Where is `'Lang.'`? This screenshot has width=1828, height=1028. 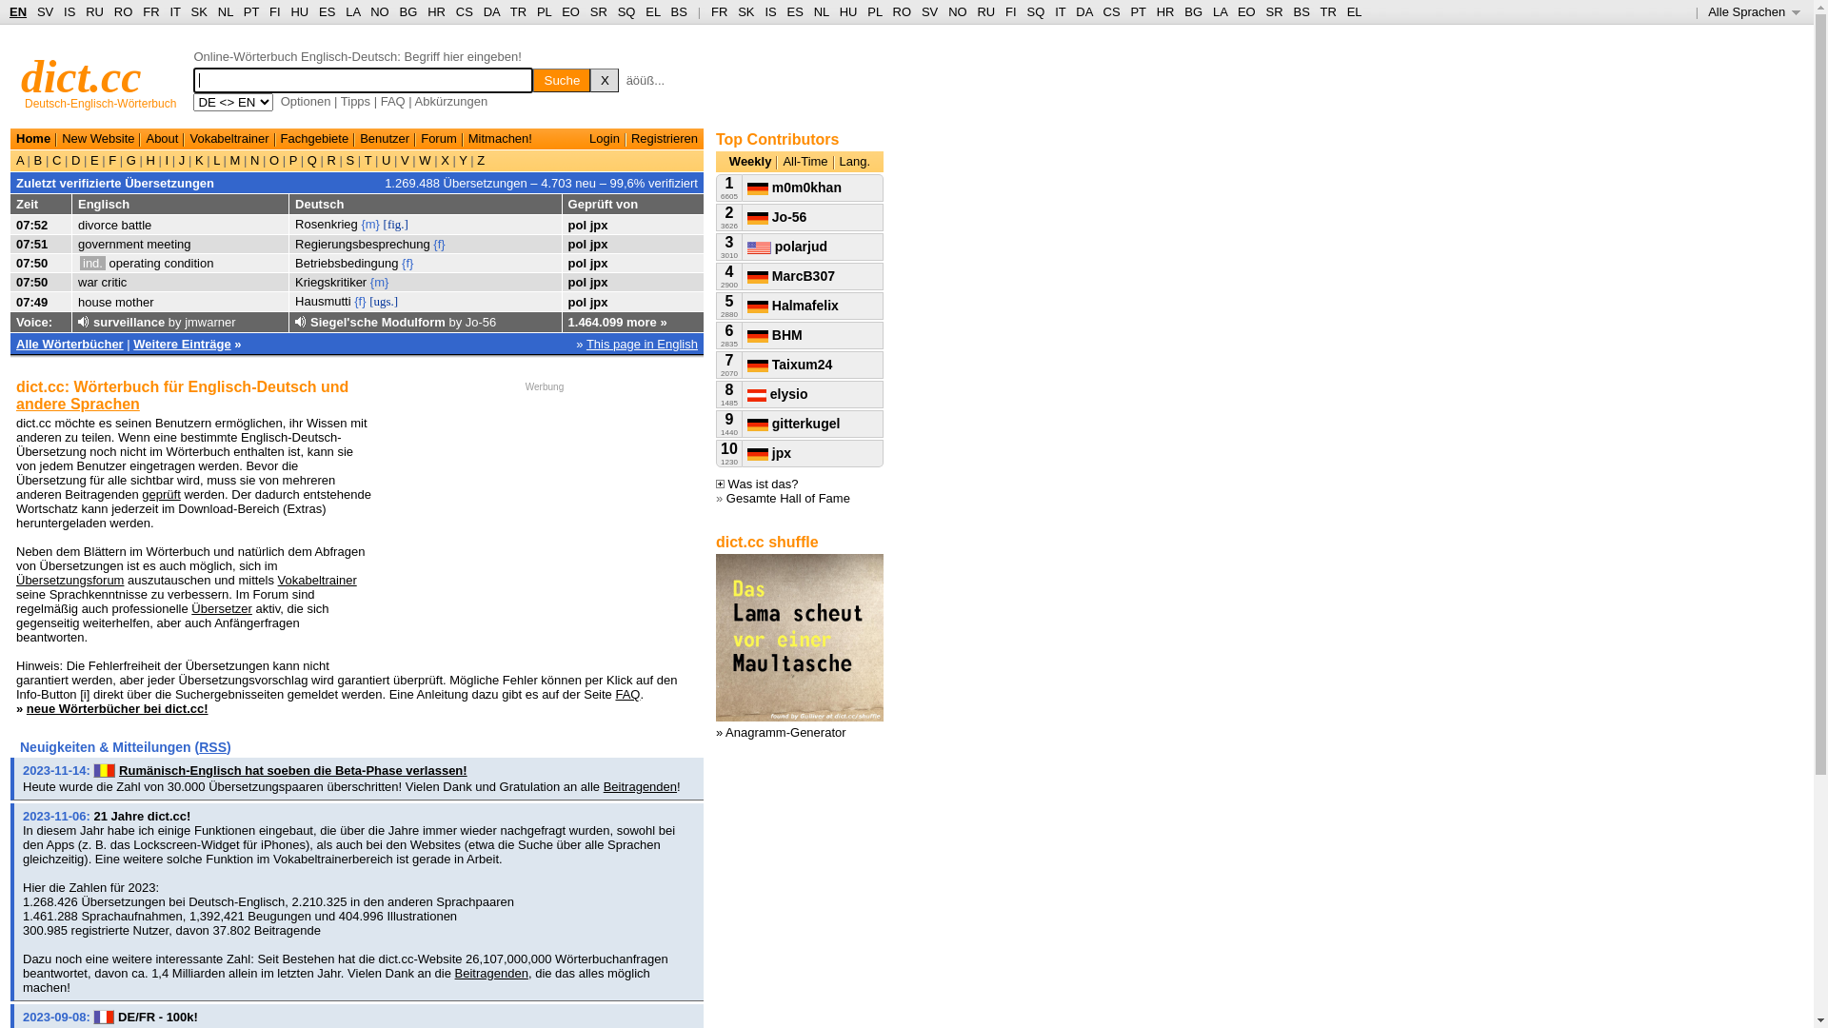 'Lang.' is located at coordinates (854, 160).